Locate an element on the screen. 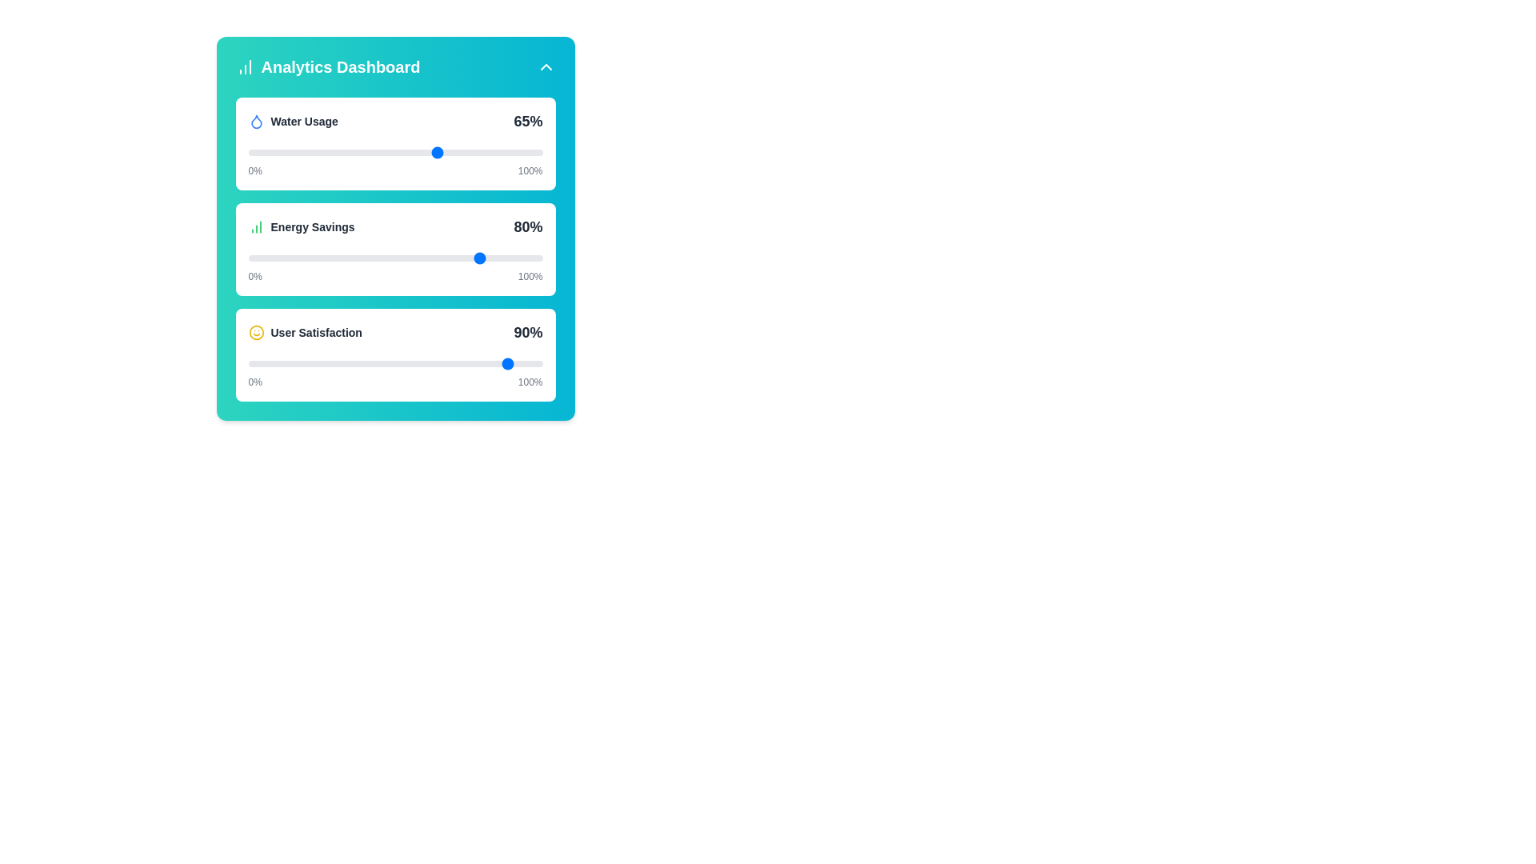 Image resolution: width=1536 pixels, height=864 pixels. the text label displaying '0%' which is aligned to the left side of a horizontal progress bar beneath the 'Water Usage' metric is located at coordinates (254, 170).